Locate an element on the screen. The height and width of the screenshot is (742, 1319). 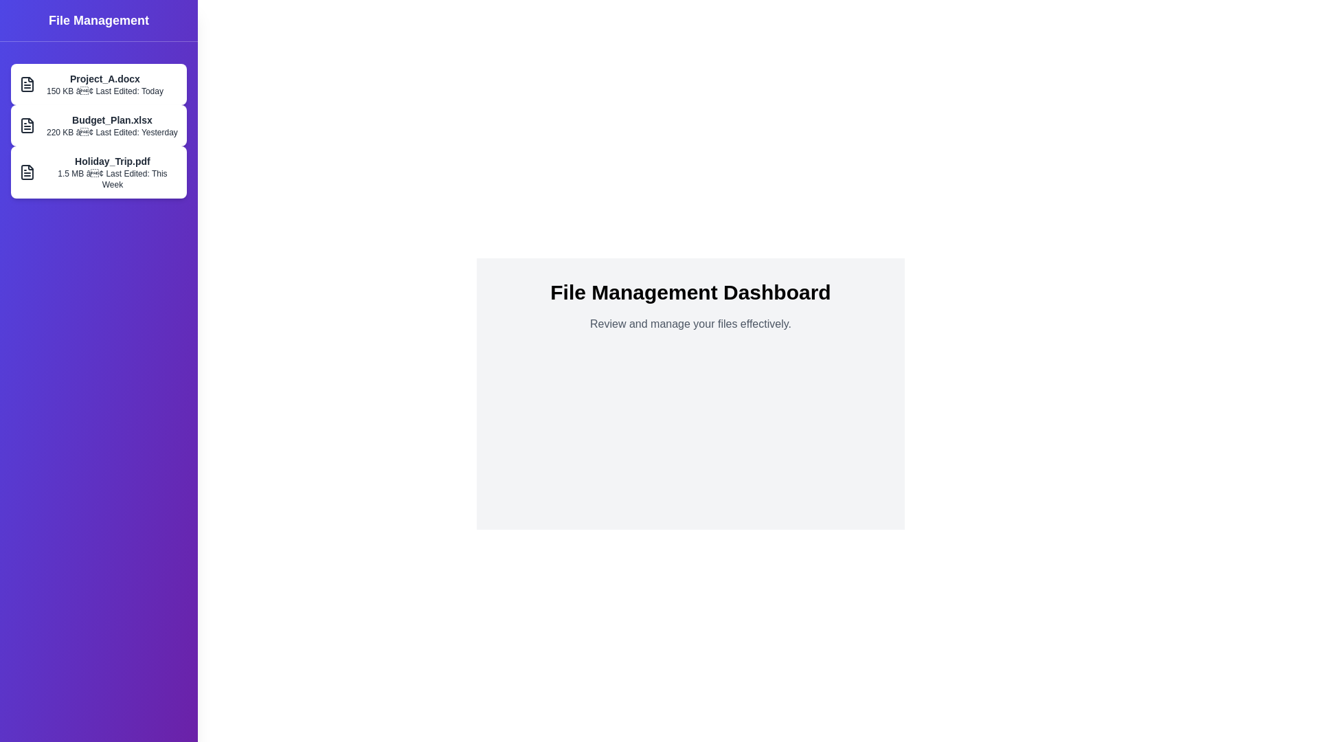
the file named Project_A.docx to select it is located at coordinates (98, 85).